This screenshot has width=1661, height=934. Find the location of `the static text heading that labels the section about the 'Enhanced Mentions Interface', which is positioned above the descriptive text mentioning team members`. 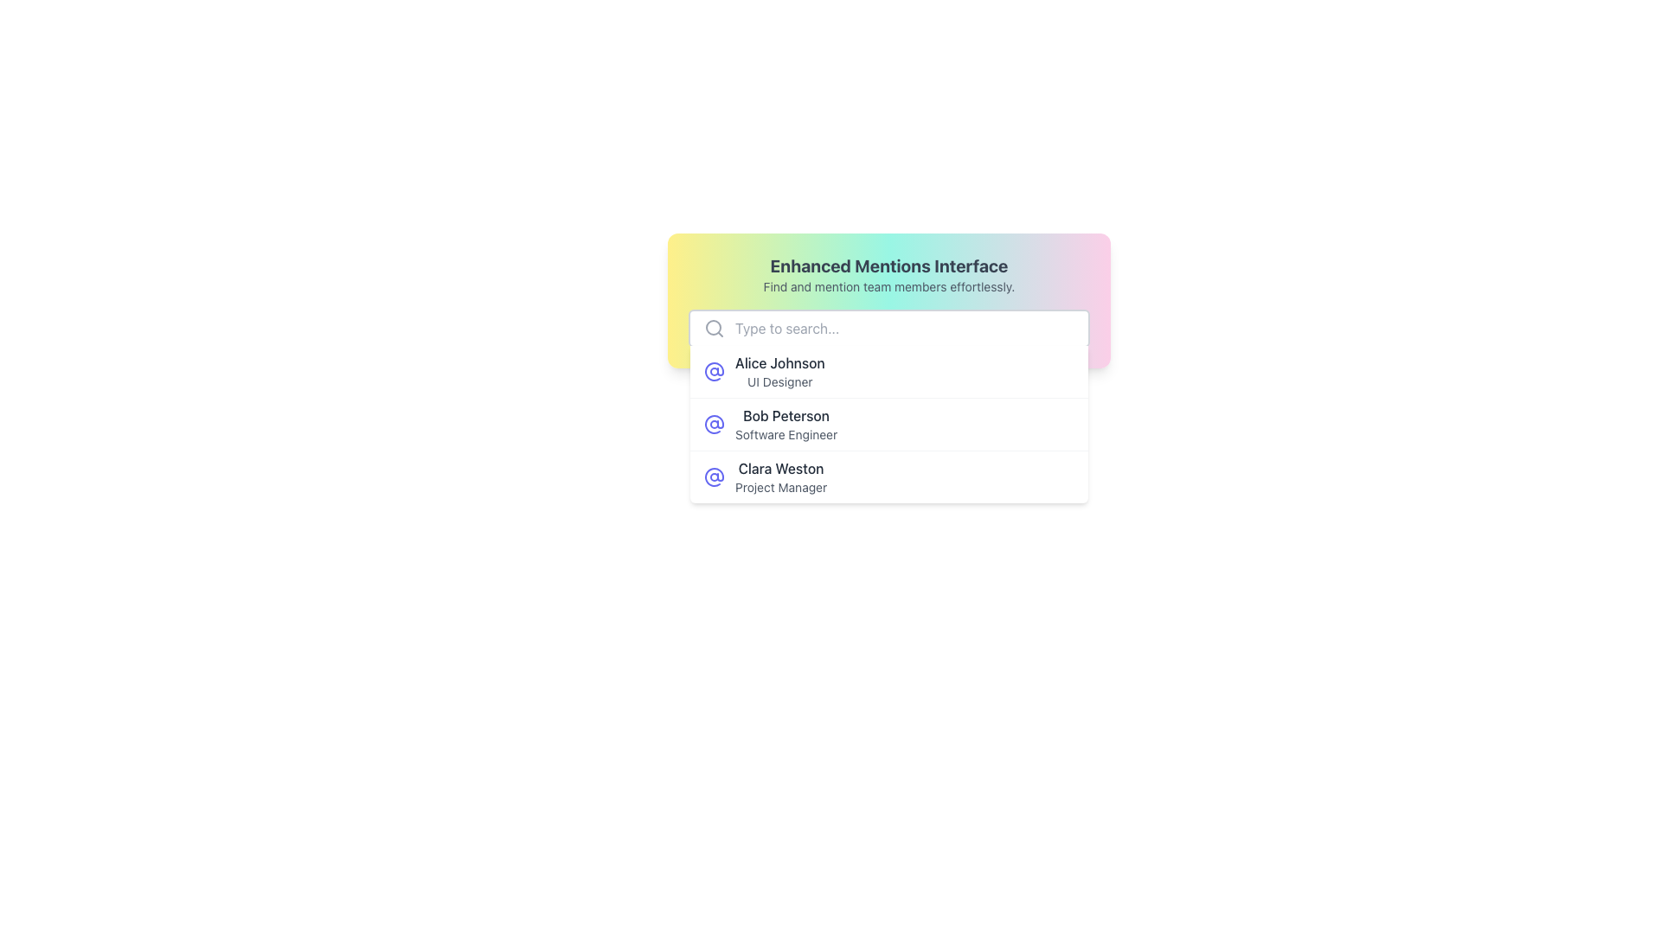

the static text heading that labels the section about the 'Enhanced Mentions Interface', which is positioned above the descriptive text mentioning team members is located at coordinates (888, 266).